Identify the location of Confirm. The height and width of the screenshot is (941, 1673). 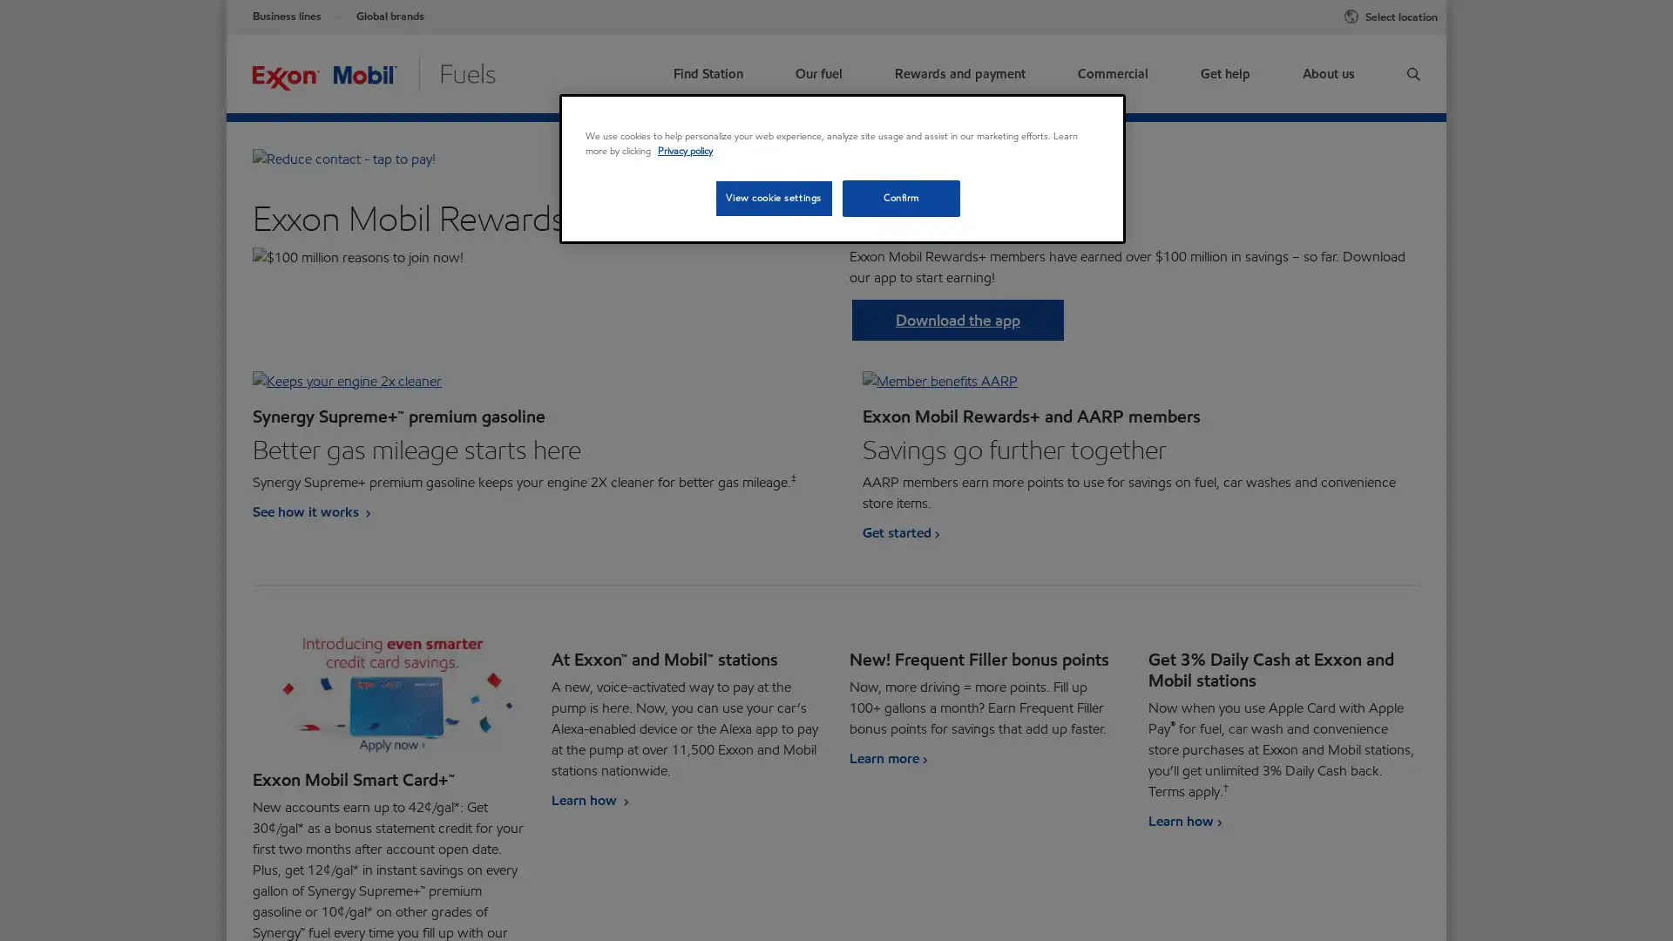
(901, 197).